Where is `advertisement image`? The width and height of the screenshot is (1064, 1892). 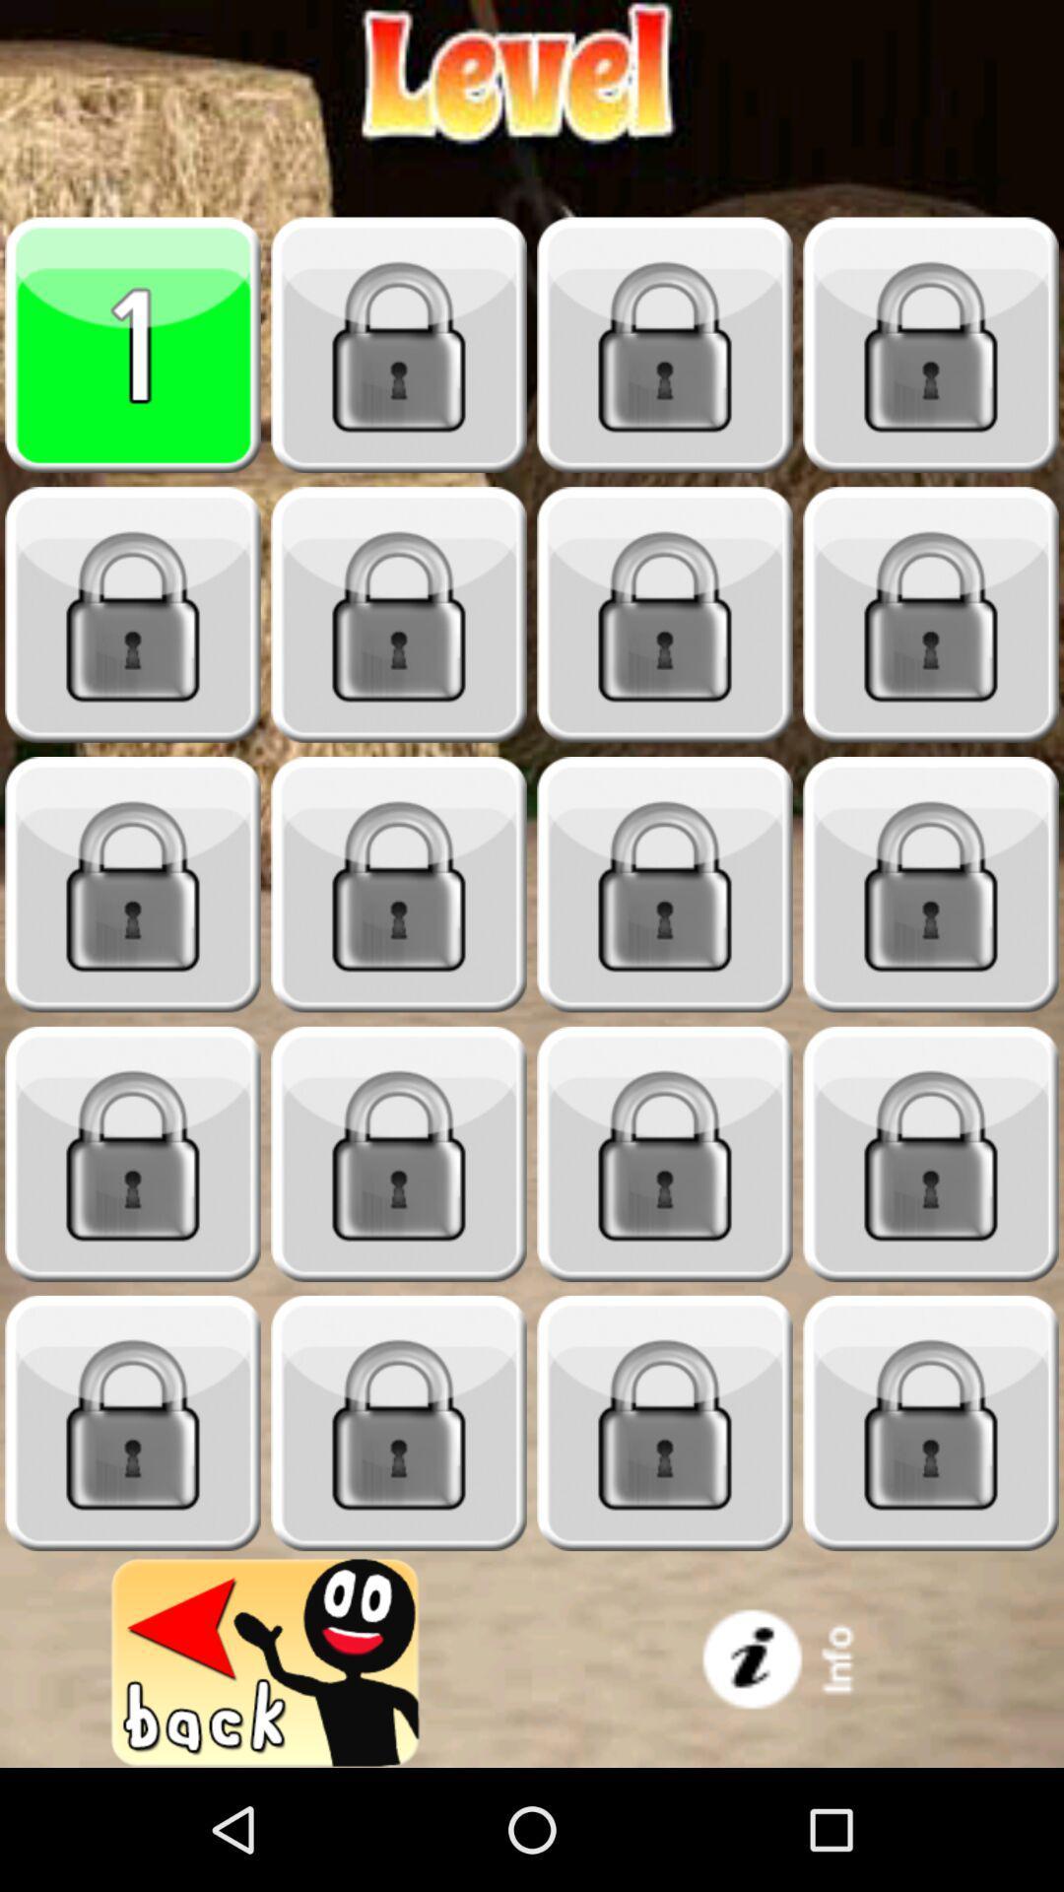 advertisement image is located at coordinates (798, 1661).